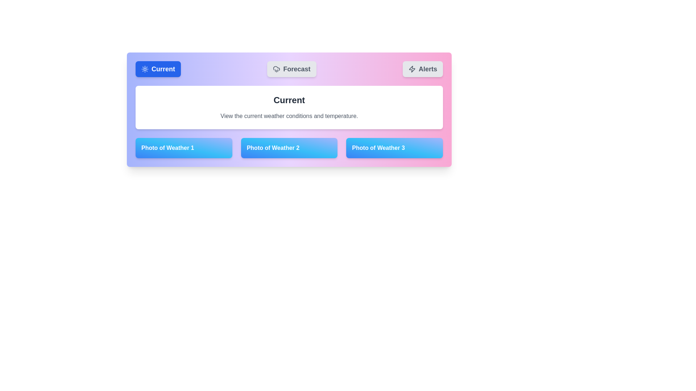 This screenshot has height=391, width=696. Describe the element at coordinates (394, 147) in the screenshot. I see `the styled button labeled 'Photo of Weather 3' which is located in the rightmost position of a row of three buttons and has a gradient background with bold white text` at that location.